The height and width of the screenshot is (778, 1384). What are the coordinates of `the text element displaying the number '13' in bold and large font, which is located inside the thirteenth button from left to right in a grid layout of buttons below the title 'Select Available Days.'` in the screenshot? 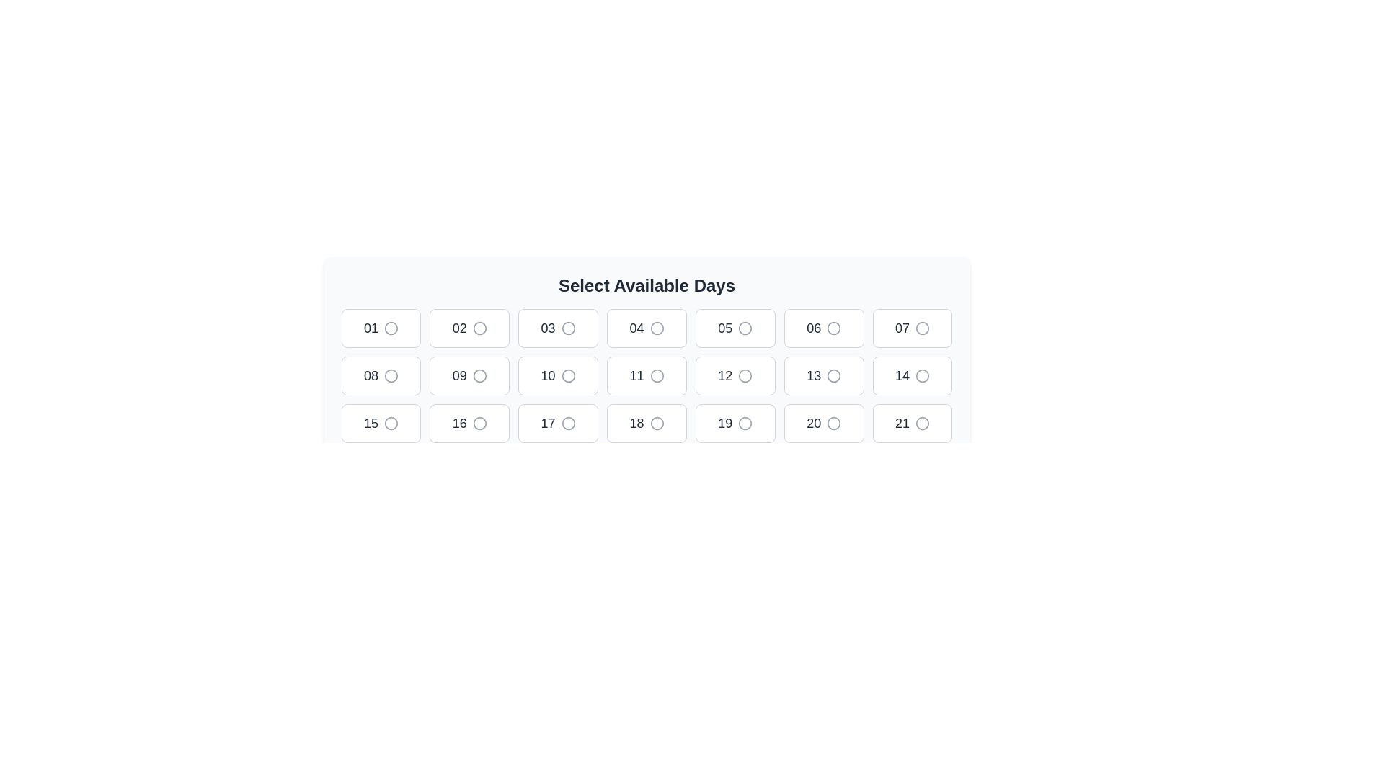 It's located at (814, 375).